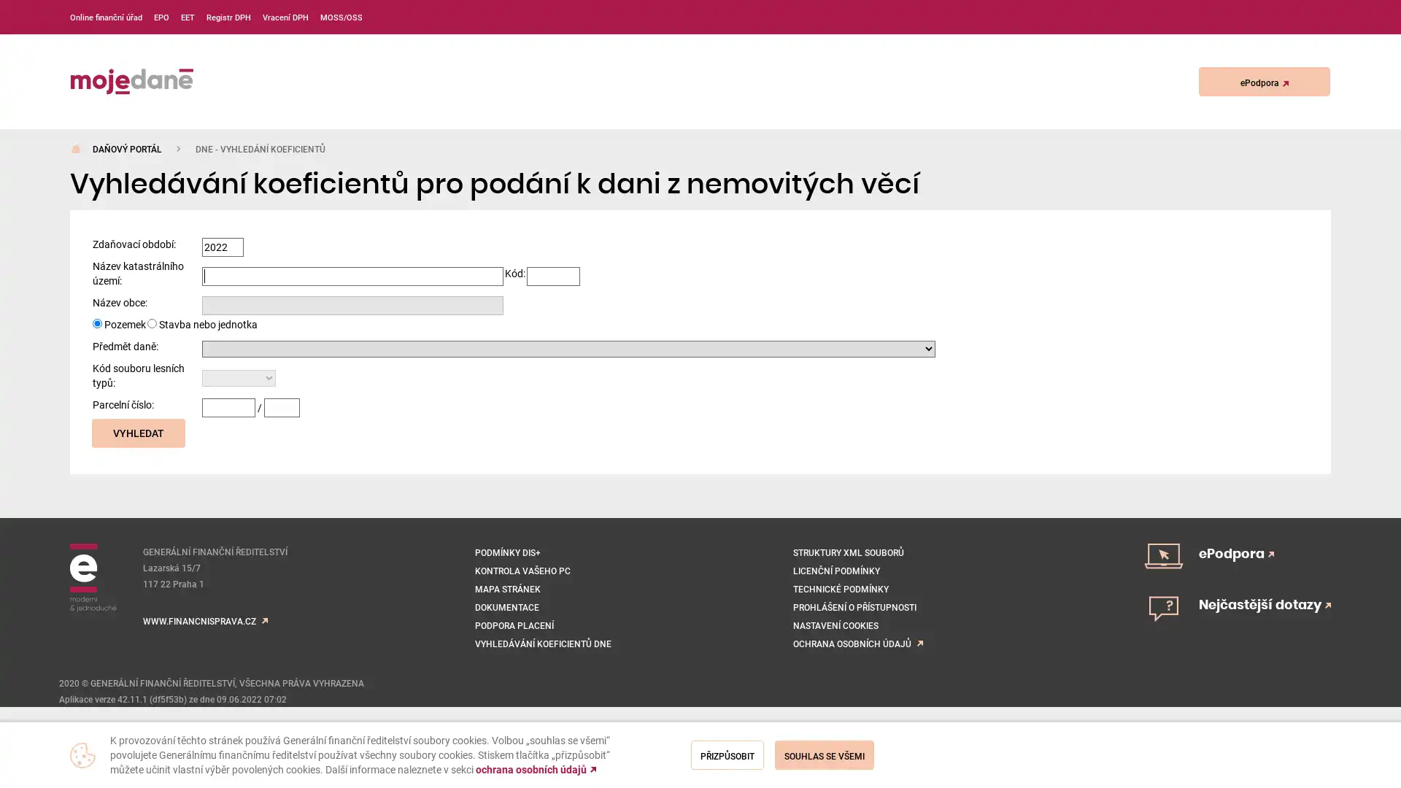  What do you see at coordinates (727, 754) in the screenshot?
I see `Prizpusobit` at bounding box center [727, 754].